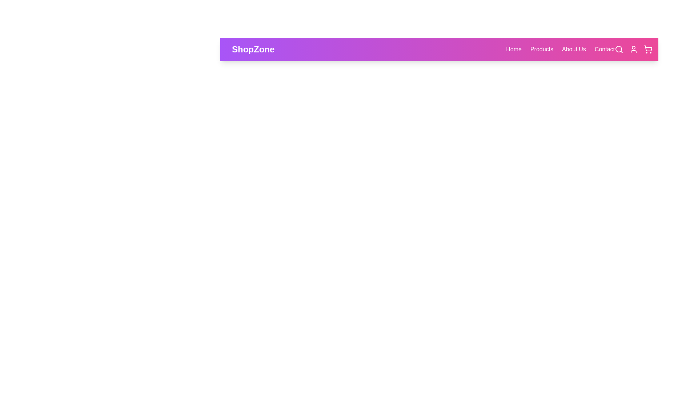 This screenshot has height=393, width=698. I want to click on the About Us link in the navigation bar to navigate to the respective section, so click(574, 49).